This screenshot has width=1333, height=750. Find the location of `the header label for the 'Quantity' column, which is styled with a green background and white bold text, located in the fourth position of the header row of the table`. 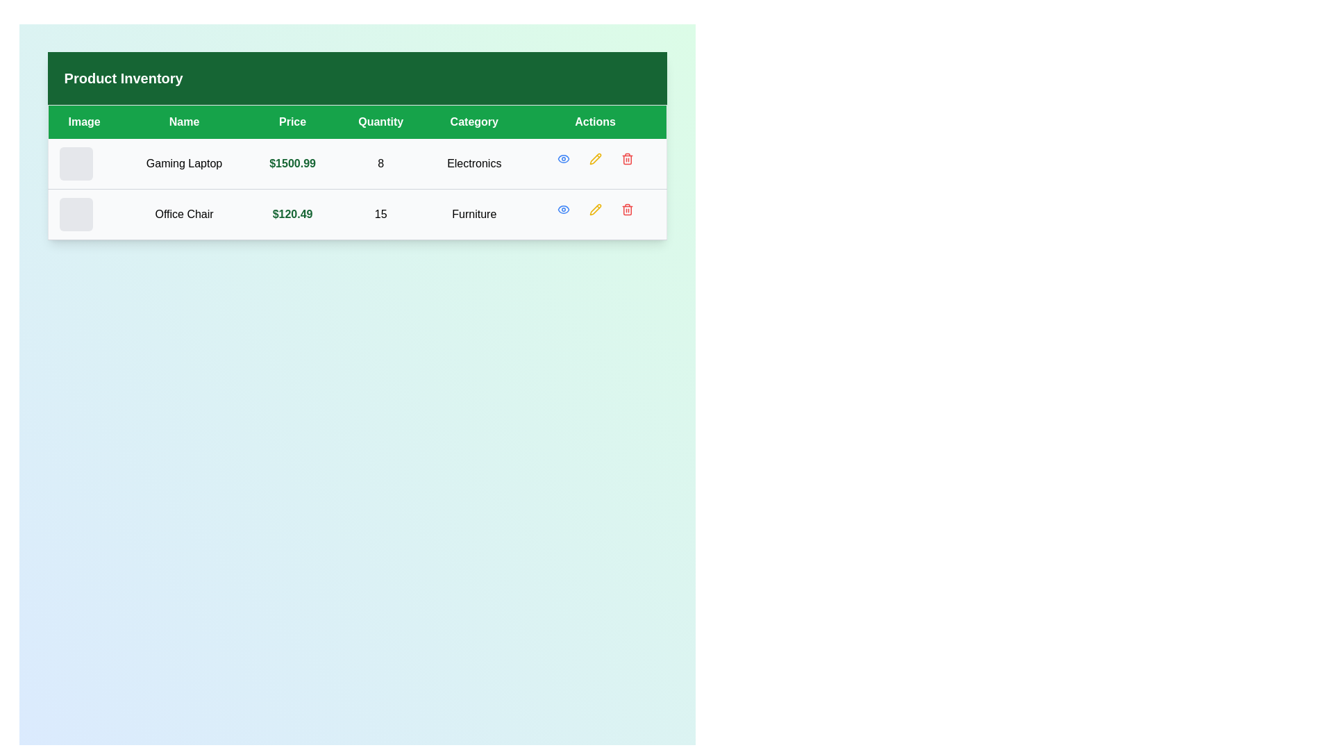

the header label for the 'Quantity' column, which is styled with a green background and white bold text, located in the fourth position of the header row of the table is located at coordinates (380, 121).